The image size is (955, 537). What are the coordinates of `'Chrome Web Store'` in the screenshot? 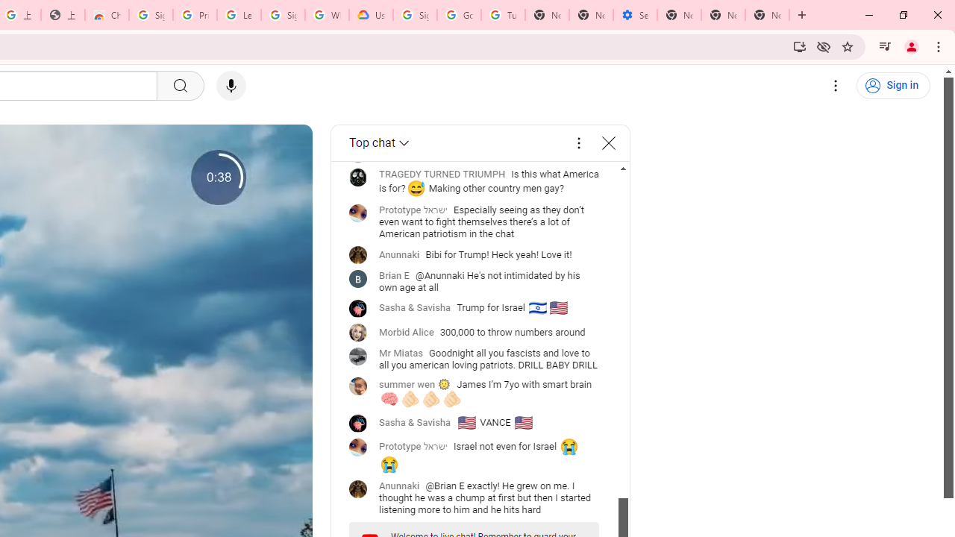 It's located at (106, 15).